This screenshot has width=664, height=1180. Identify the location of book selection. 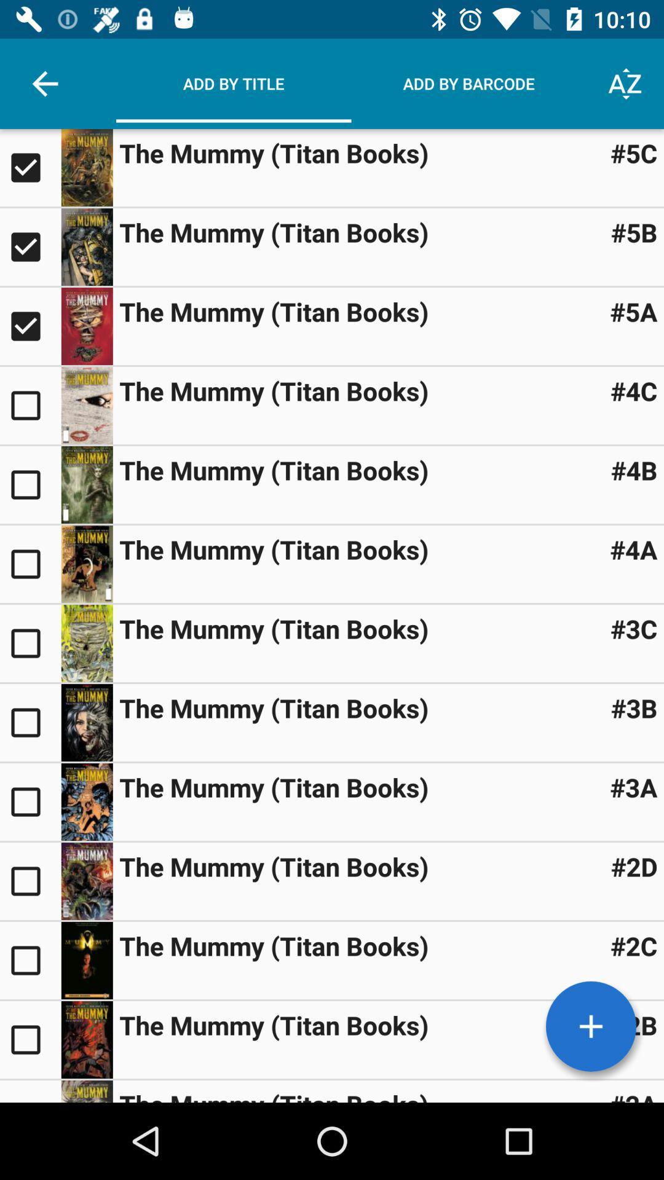
(86, 406).